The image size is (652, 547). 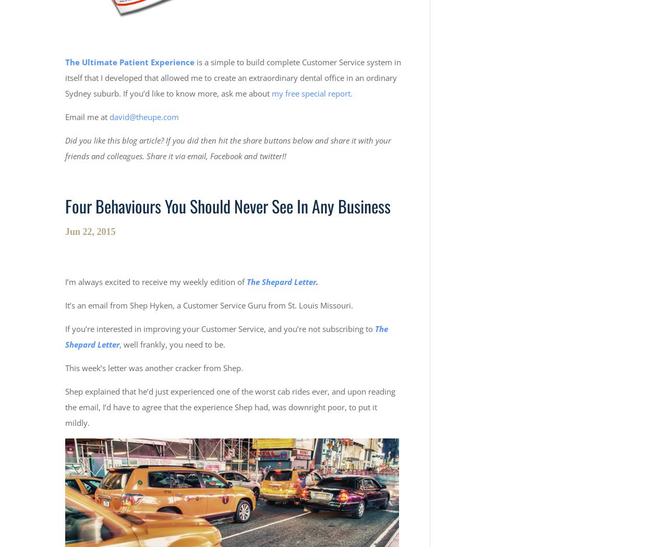 What do you see at coordinates (172, 343) in the screenshot?
I see `', well frankly, you need to be.'` at bounding box center [172, 343].